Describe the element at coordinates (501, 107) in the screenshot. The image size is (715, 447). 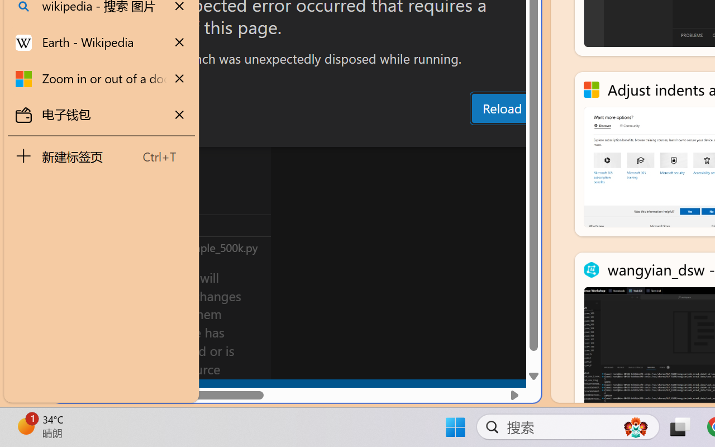
I see `'Reload'` at that location.